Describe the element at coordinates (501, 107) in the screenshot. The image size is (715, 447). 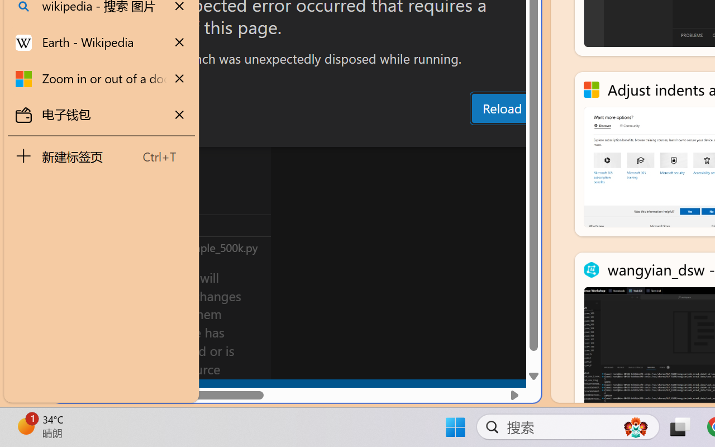
I see `'Reload'` at that location.